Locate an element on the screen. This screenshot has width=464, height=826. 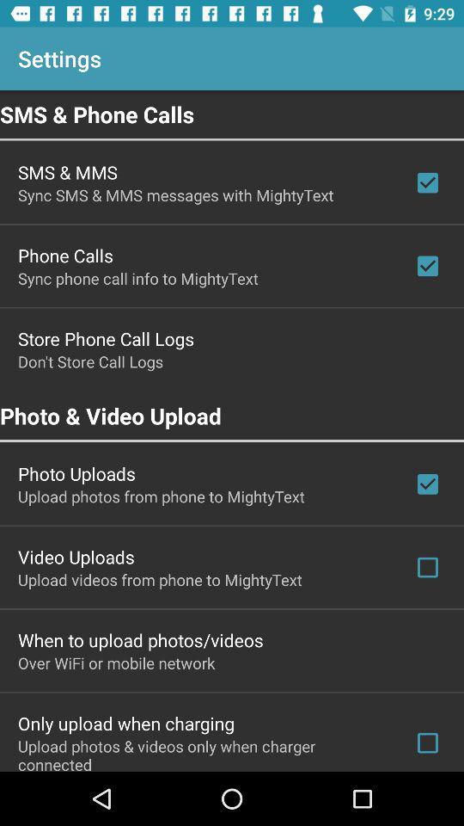
icon below don t store app is located at coordinates (232, 415).